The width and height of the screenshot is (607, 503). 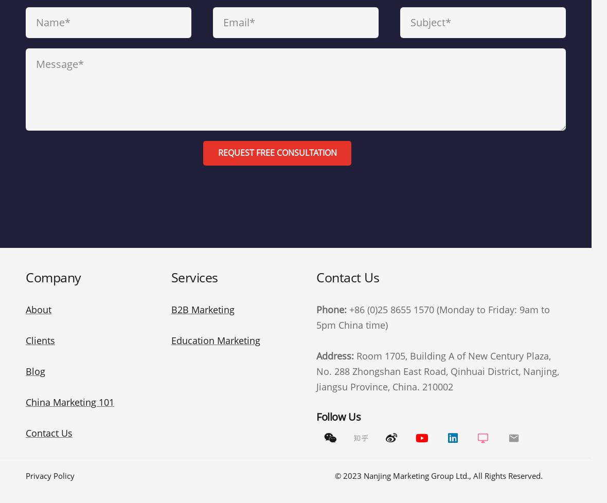 What do you see at coordinates (438, 475) in the screenshot?
I see `'© 2023 Nanjing Marketing Group Ltd., All Rights Reserved.'` at bounding box center [438, 475].